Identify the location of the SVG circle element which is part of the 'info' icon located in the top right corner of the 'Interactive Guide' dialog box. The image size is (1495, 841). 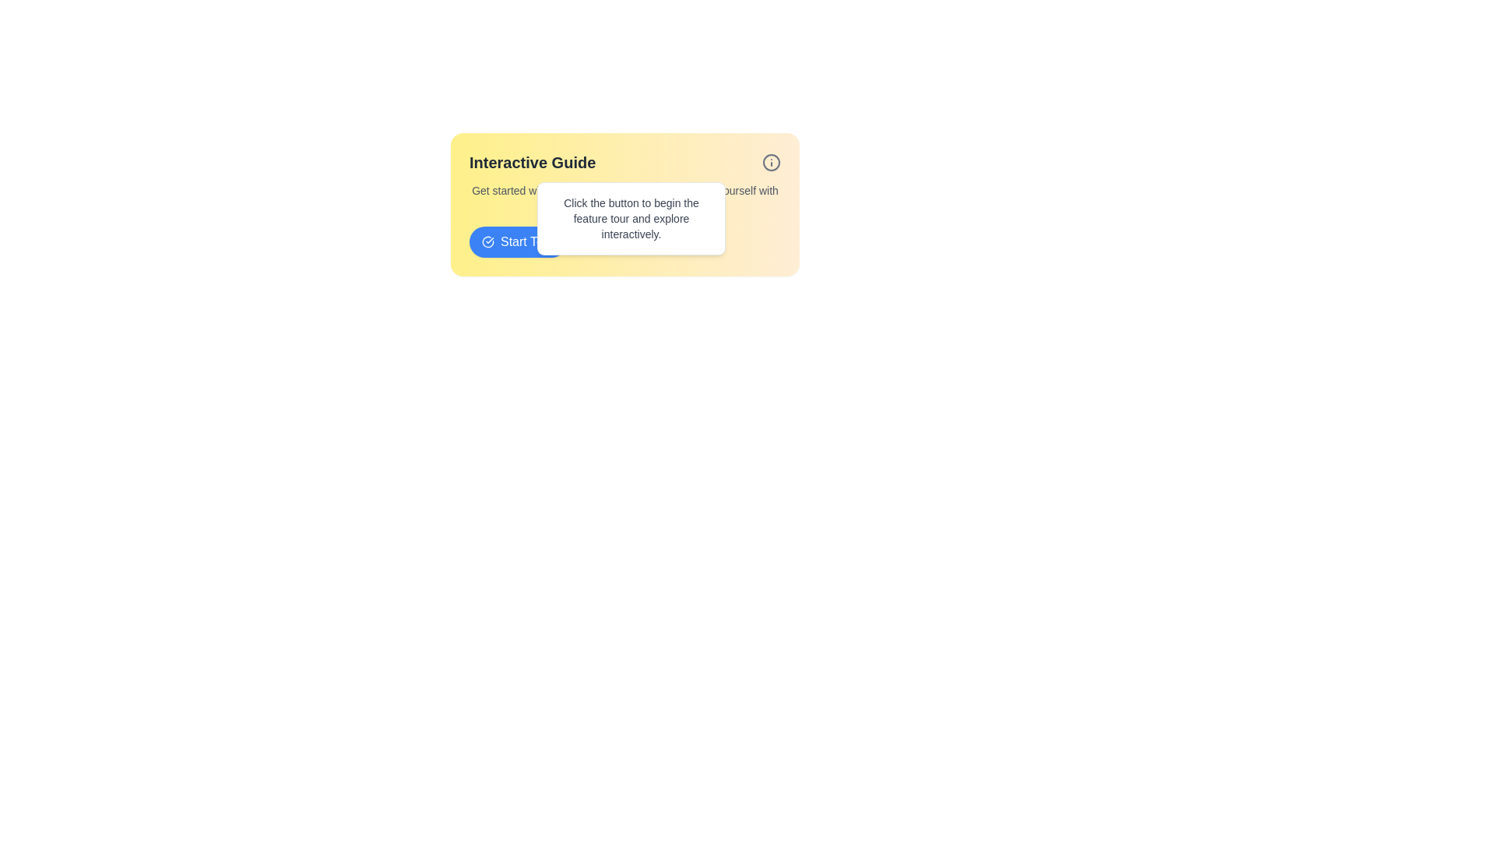
(771, 162).